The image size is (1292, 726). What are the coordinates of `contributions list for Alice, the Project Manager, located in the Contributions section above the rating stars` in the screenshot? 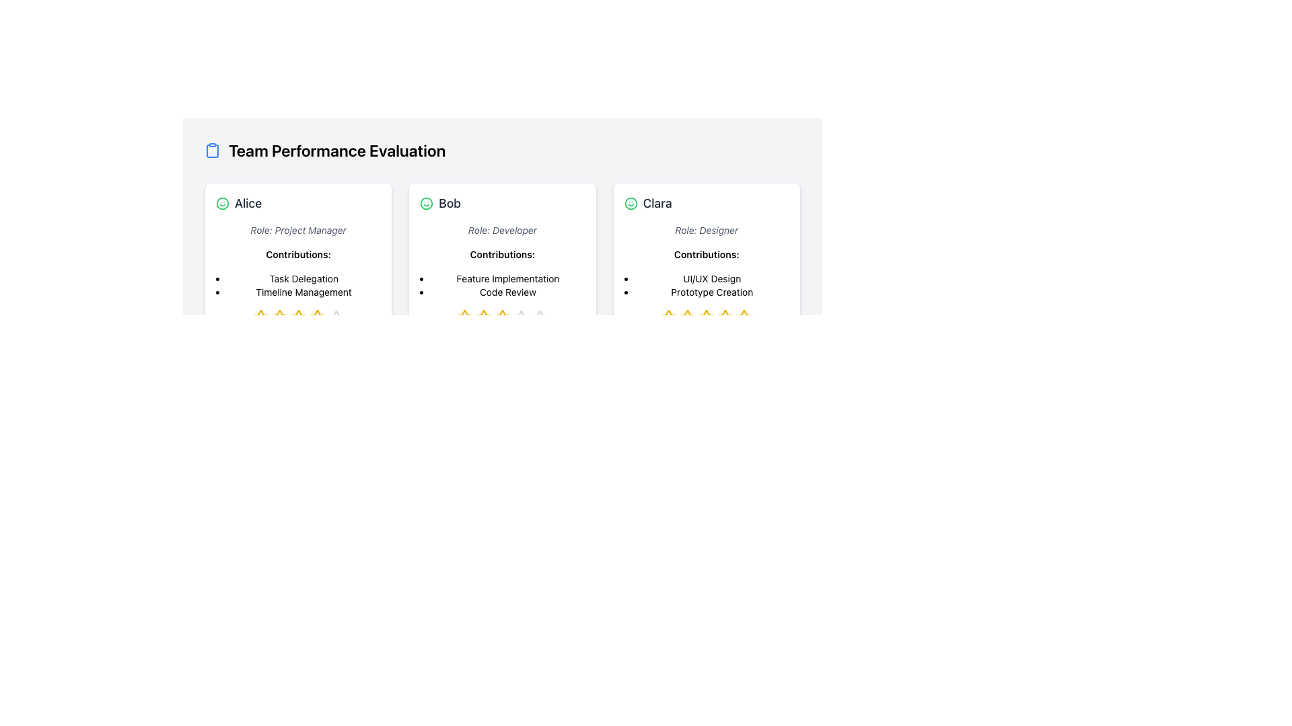 It's located at (303, 284).